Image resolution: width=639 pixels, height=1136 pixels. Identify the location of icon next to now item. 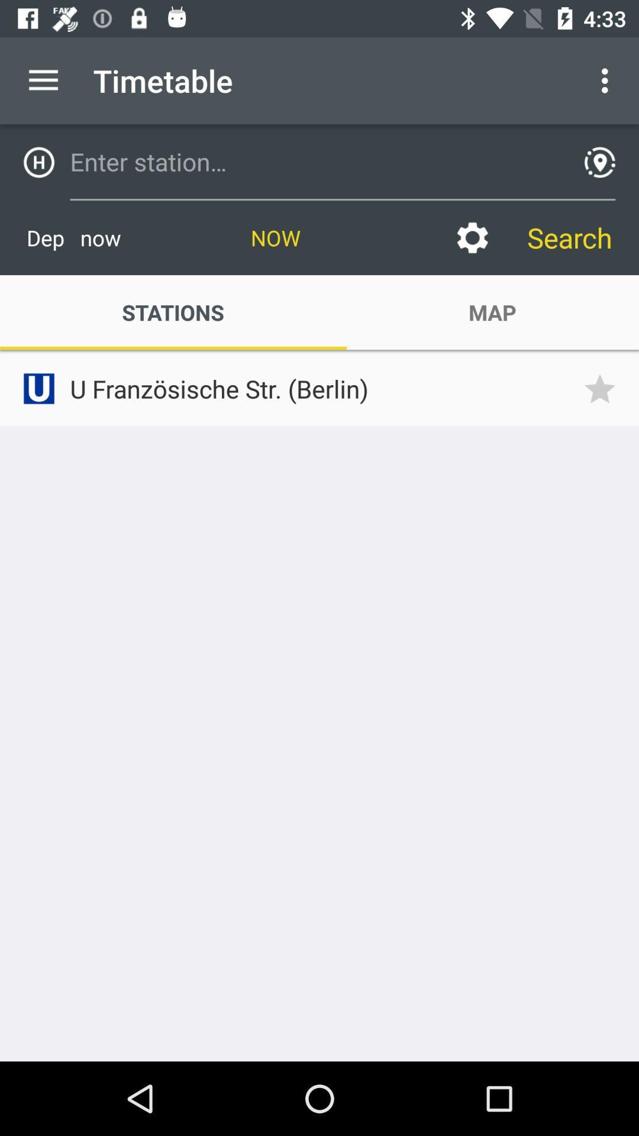
(73, 237).